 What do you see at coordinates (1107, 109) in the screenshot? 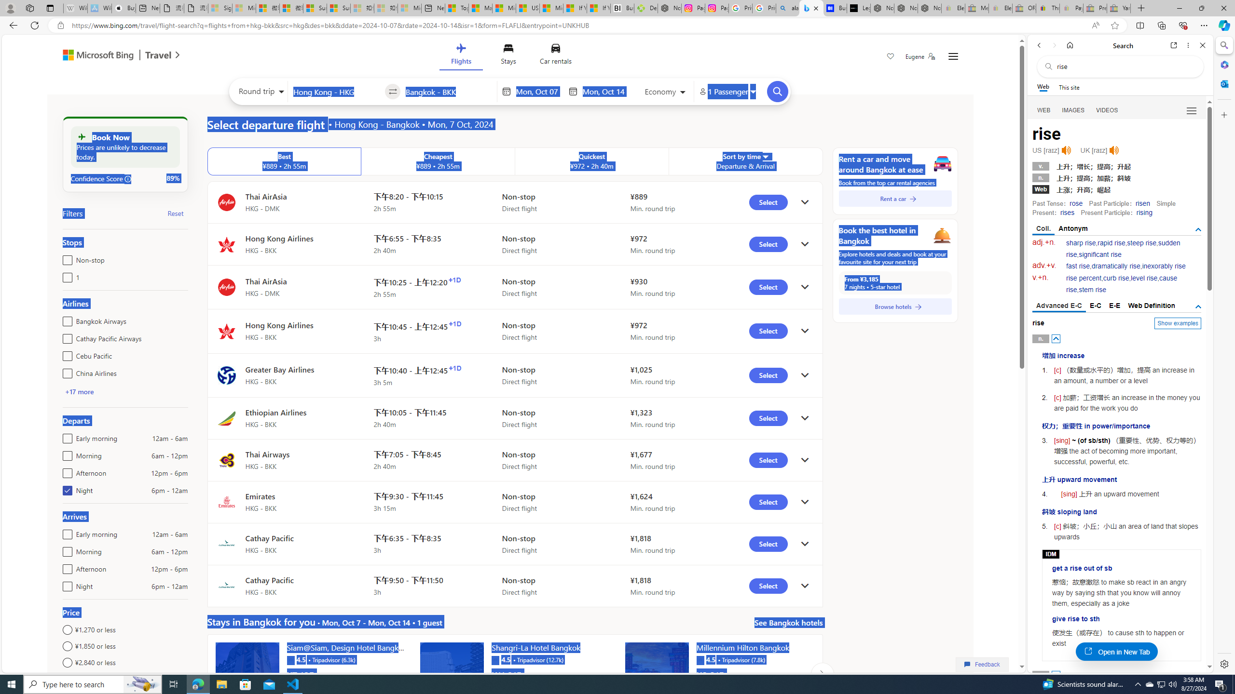
I see `'Search Filter, VIDEOS'` at bounding box center [1107, 109].